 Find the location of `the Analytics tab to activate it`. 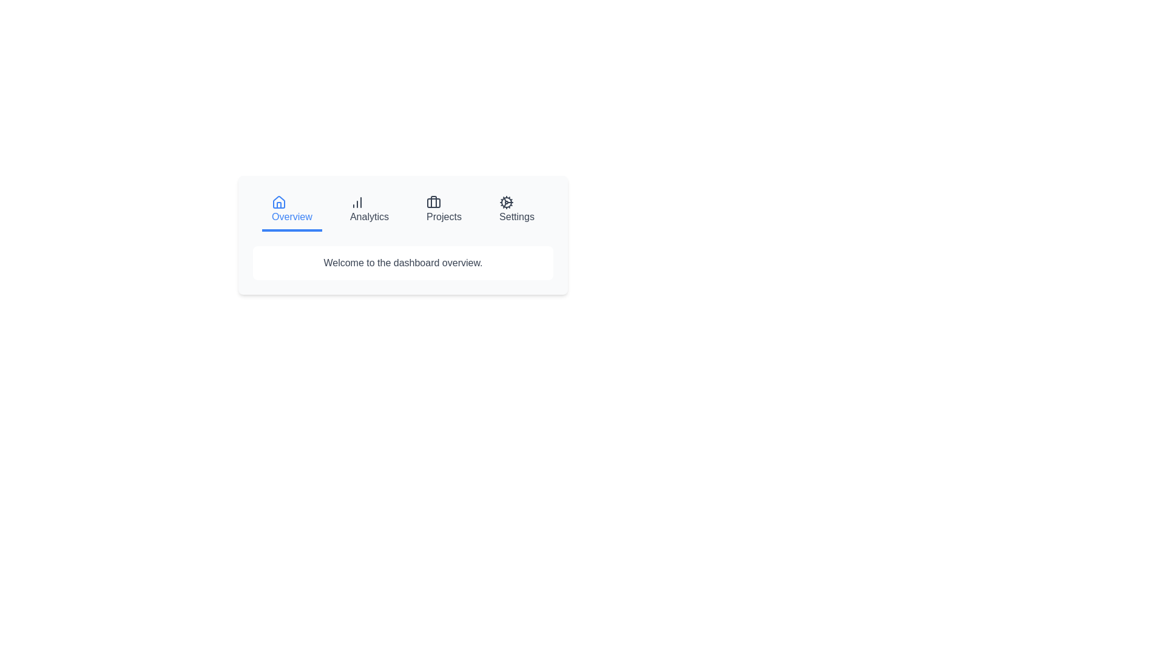

the Analytics tab to activate it is located at coordinates (369, 210).